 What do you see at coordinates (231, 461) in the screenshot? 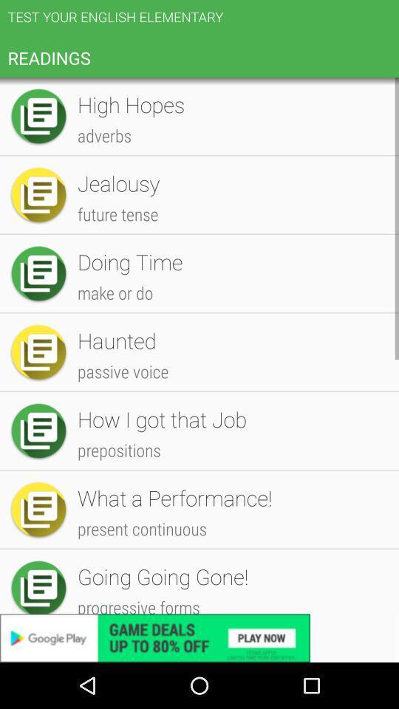
I see `the hangman item` at bounding box center [231, 461].